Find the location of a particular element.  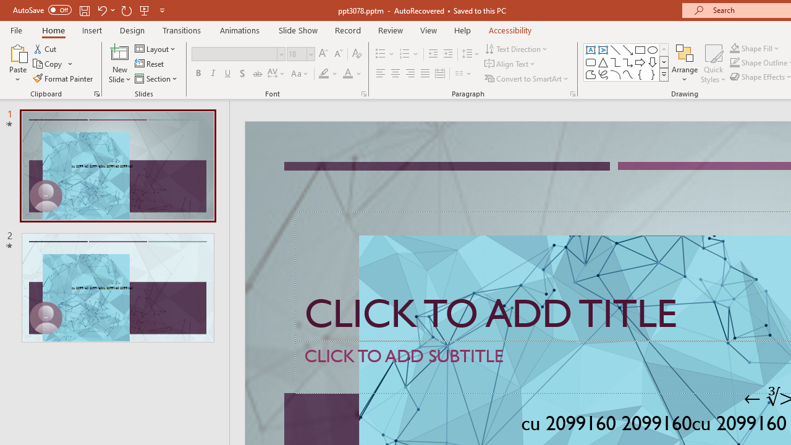

'Class: NetUIImage' is located at coordinates (664, 74).